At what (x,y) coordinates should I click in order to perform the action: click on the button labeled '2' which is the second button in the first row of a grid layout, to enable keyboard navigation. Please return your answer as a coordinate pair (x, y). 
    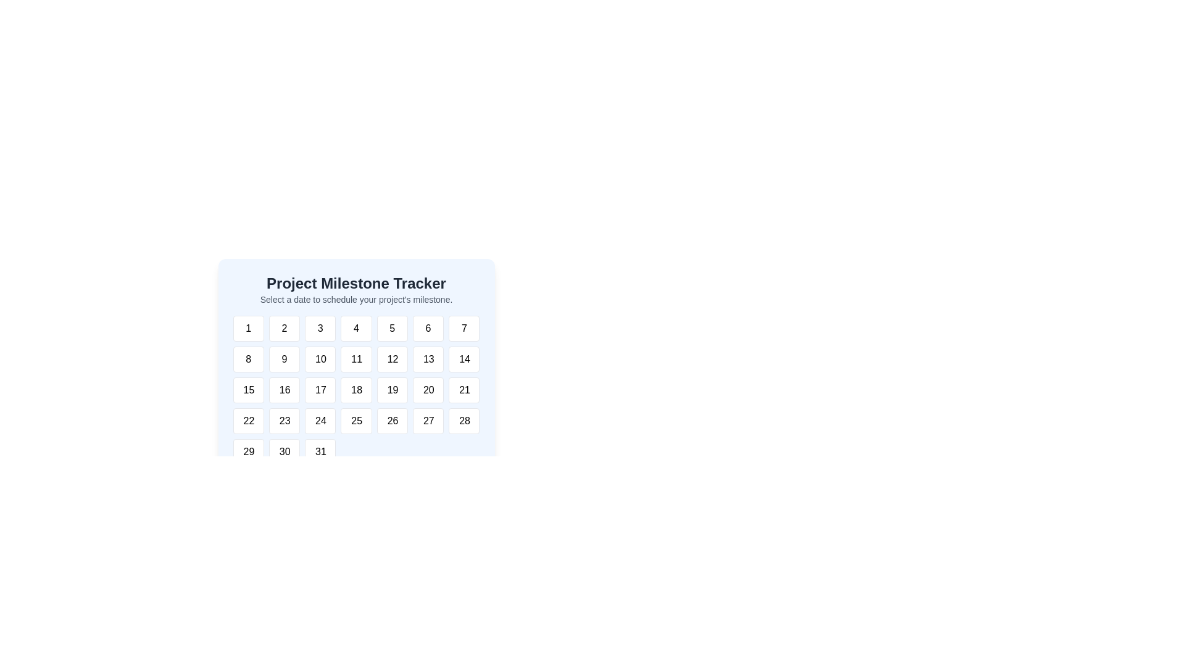
    Looking at the image, I should click on (283, 327).